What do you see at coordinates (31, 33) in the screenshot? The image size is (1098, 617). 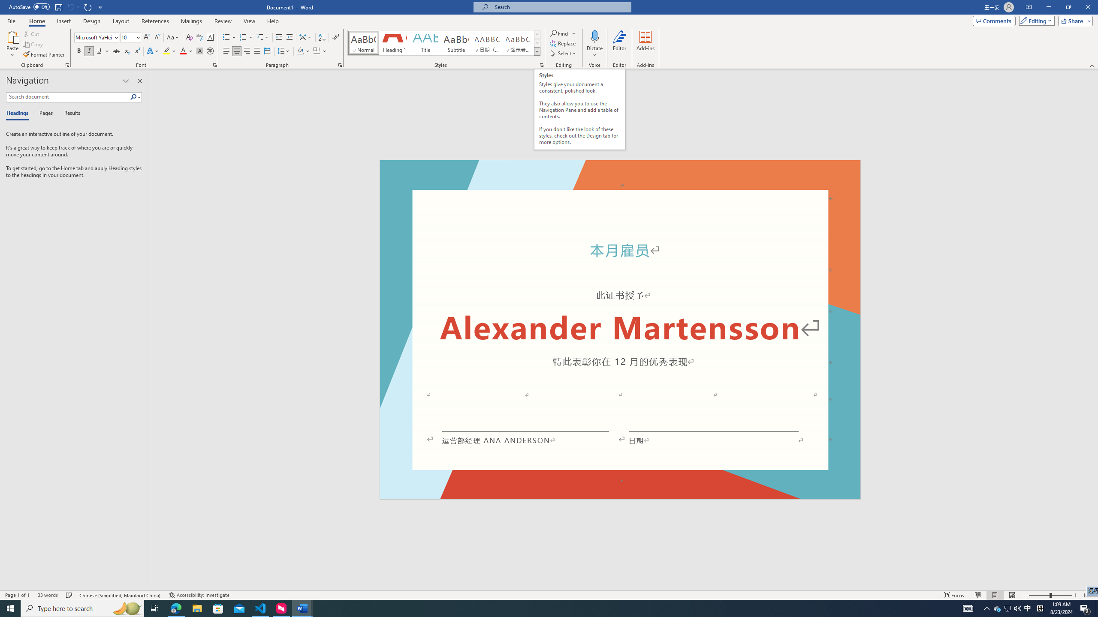 I see `'Cut'` at bounding box center [31, 33].